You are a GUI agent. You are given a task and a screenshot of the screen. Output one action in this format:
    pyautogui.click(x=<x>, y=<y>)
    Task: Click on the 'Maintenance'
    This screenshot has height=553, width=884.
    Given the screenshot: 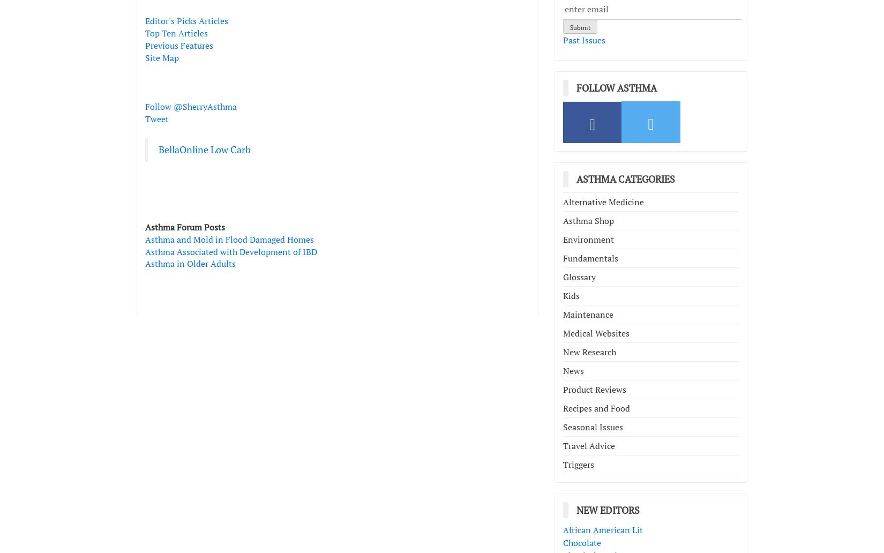 What is the action you would take?
    pyautogui.click(x=588, y=315)
    